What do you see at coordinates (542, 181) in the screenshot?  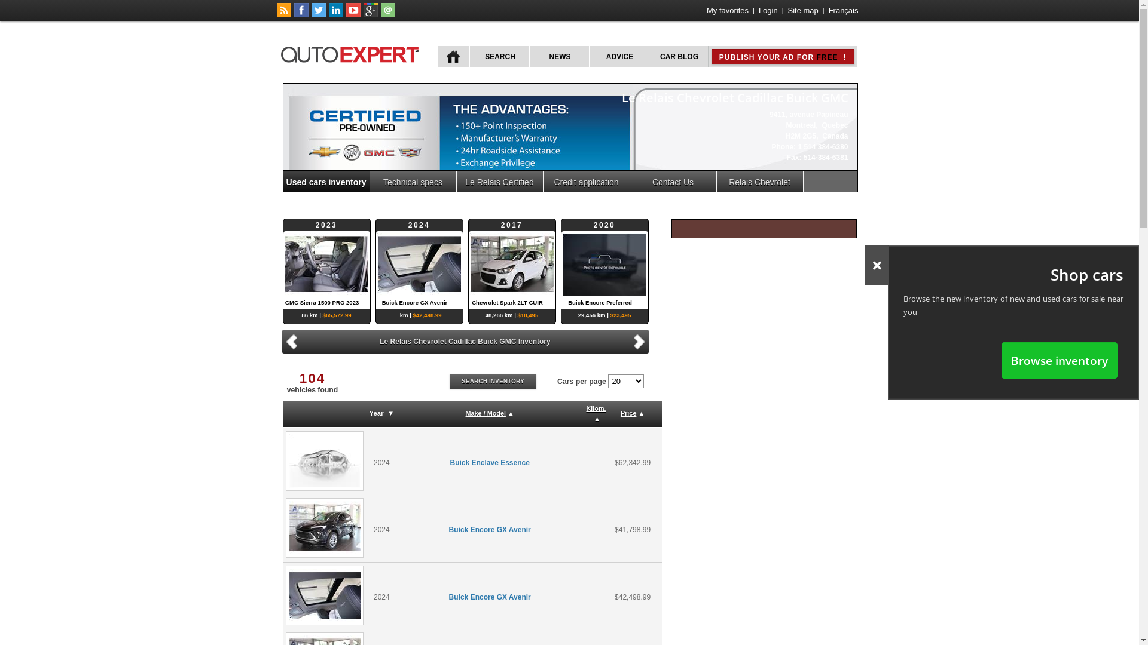 I see `'Credit application'` at bounding box center [542, 181].